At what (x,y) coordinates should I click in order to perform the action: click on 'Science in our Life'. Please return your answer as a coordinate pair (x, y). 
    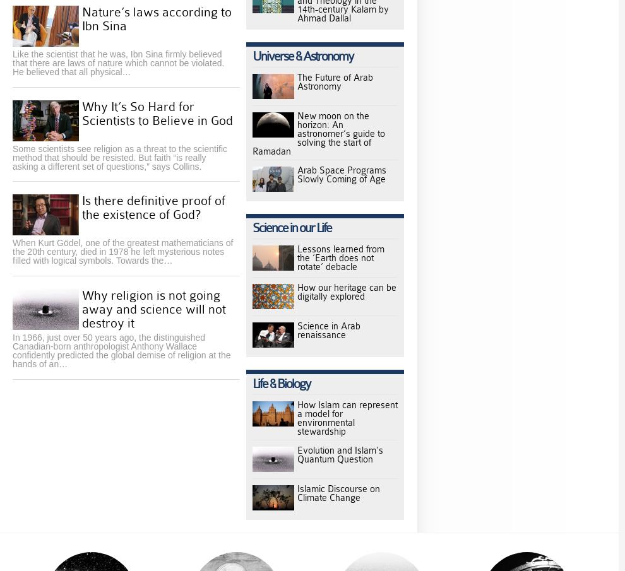
    Looking at the image, I should click on (292, 228).